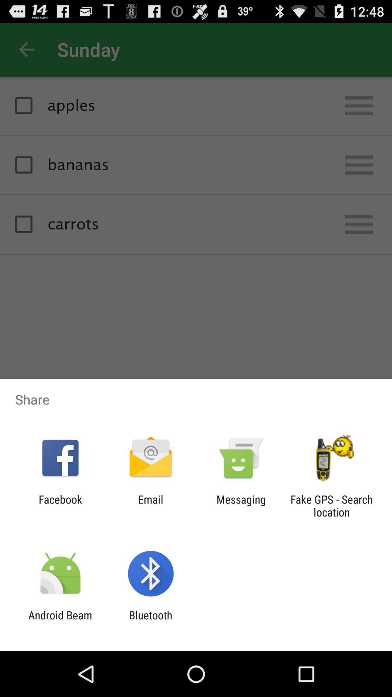  Describe the element at coordinates (331, 505) in the screenshot. I see `fake gps search app` at that location.